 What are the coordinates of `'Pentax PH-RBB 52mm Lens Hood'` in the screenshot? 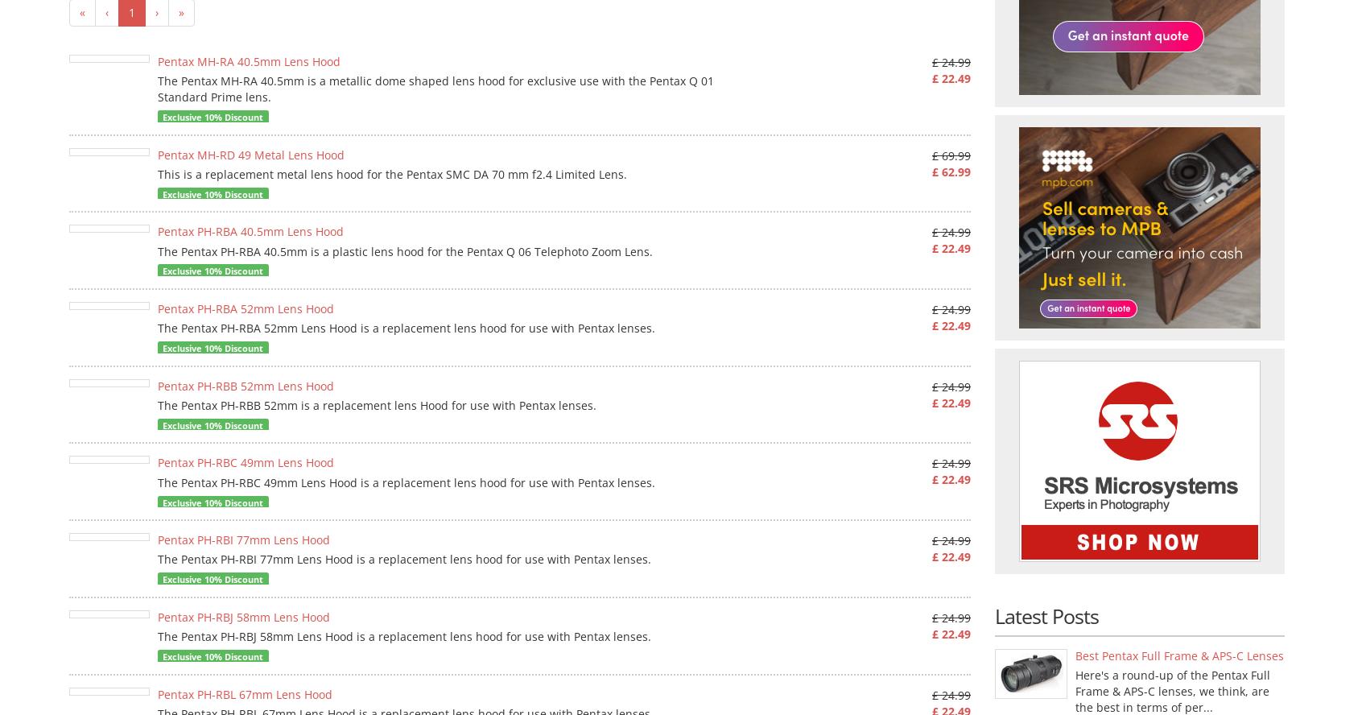 It's located at (156, 385).